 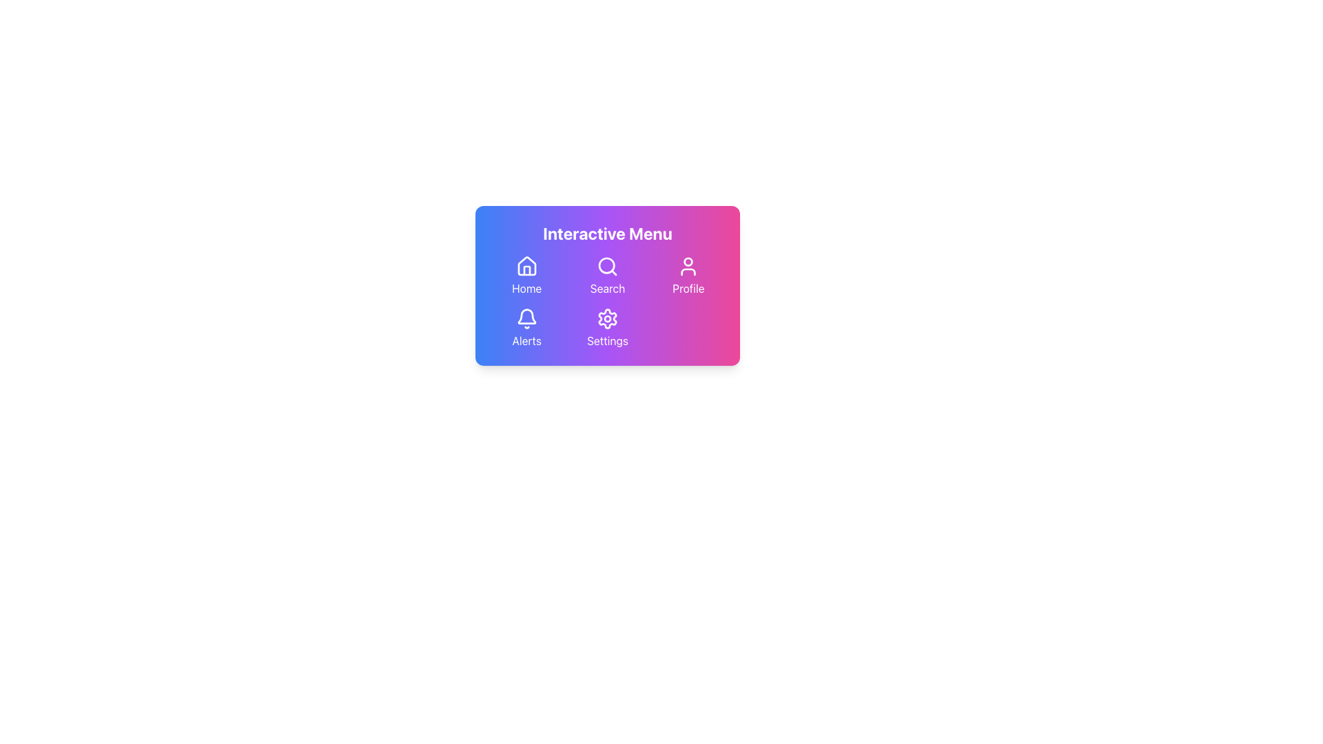 I want to click on the 'Search' button, which is visually represented as a navigation option in the top row, center column of the grid layout, so click(x=607, y=285).